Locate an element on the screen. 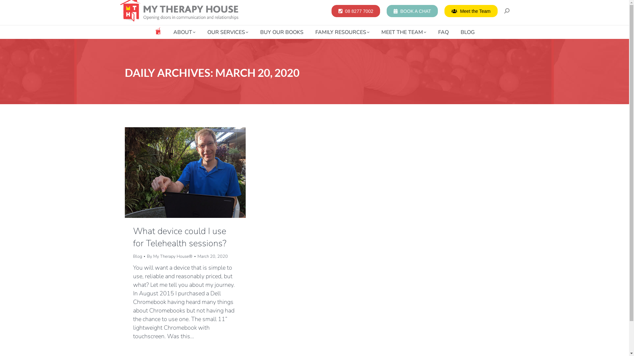 This screenshot has height=356, width=634. 'ABOUT' is located at coordinates (184, 32).